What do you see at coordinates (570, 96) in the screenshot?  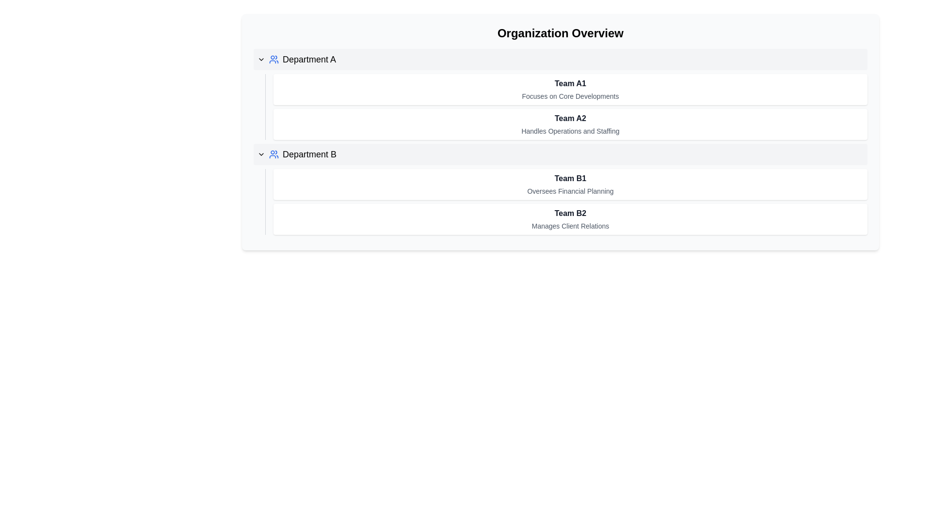 I see `the text element that contains 'Focuses on Core Developments', which is located directly below 'Team A1' in the 'Organization Overview' section` at bounding box center [570, 96].